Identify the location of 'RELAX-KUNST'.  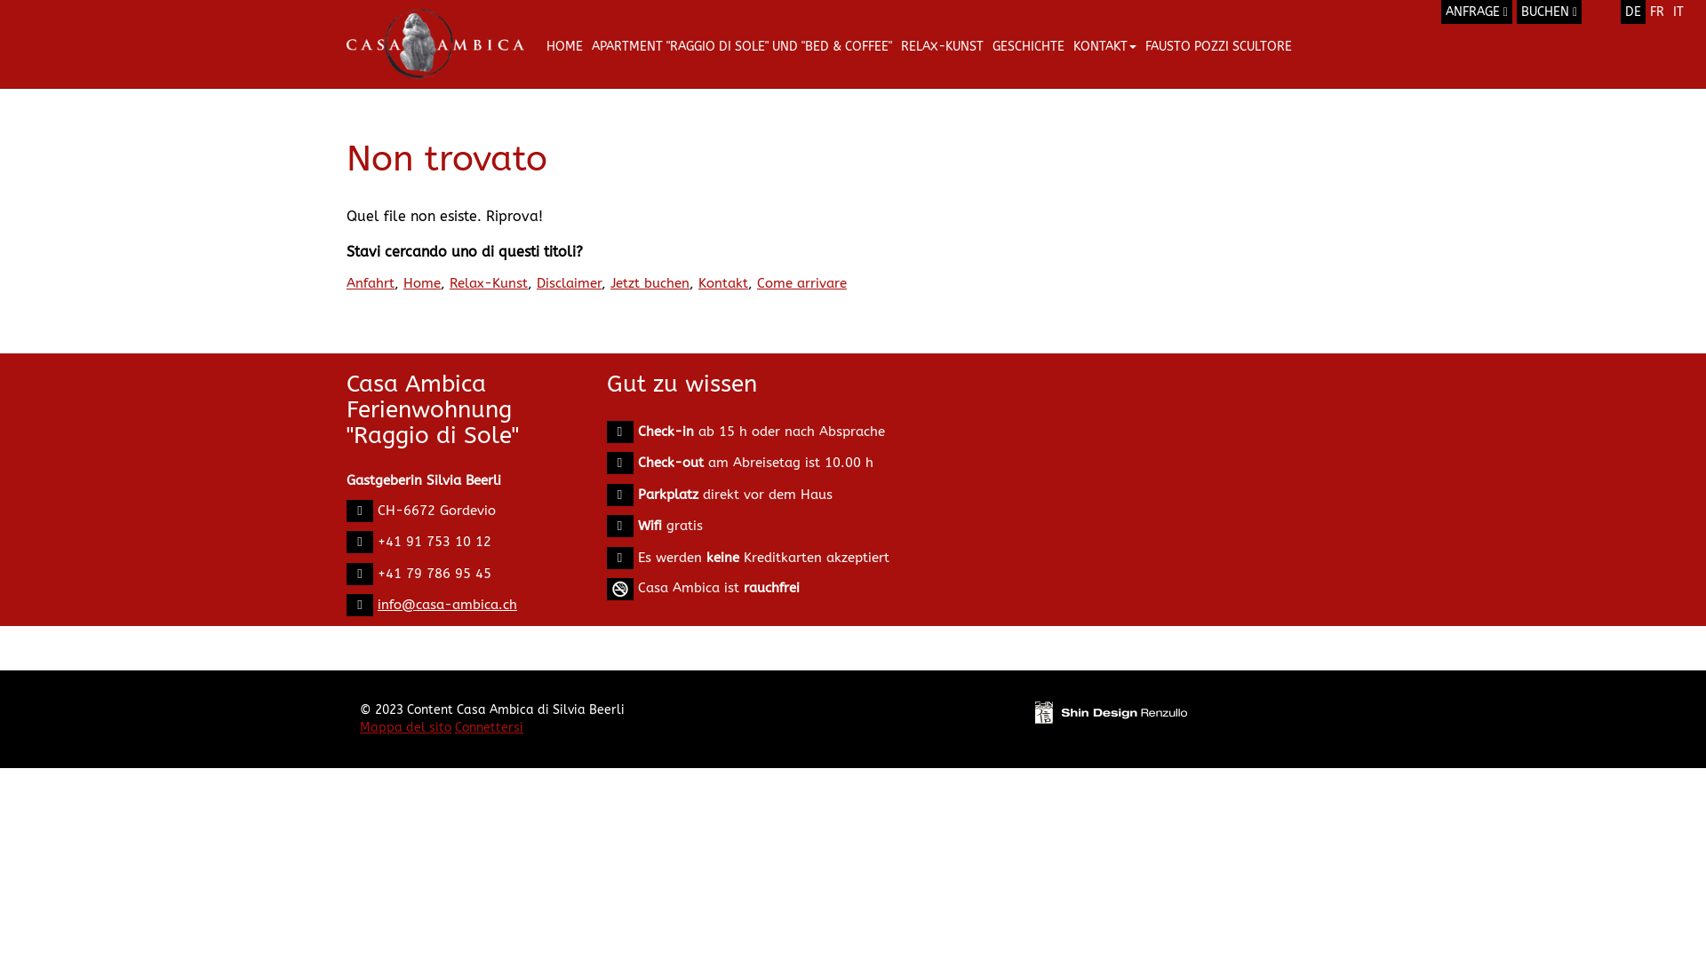
(941, 45).